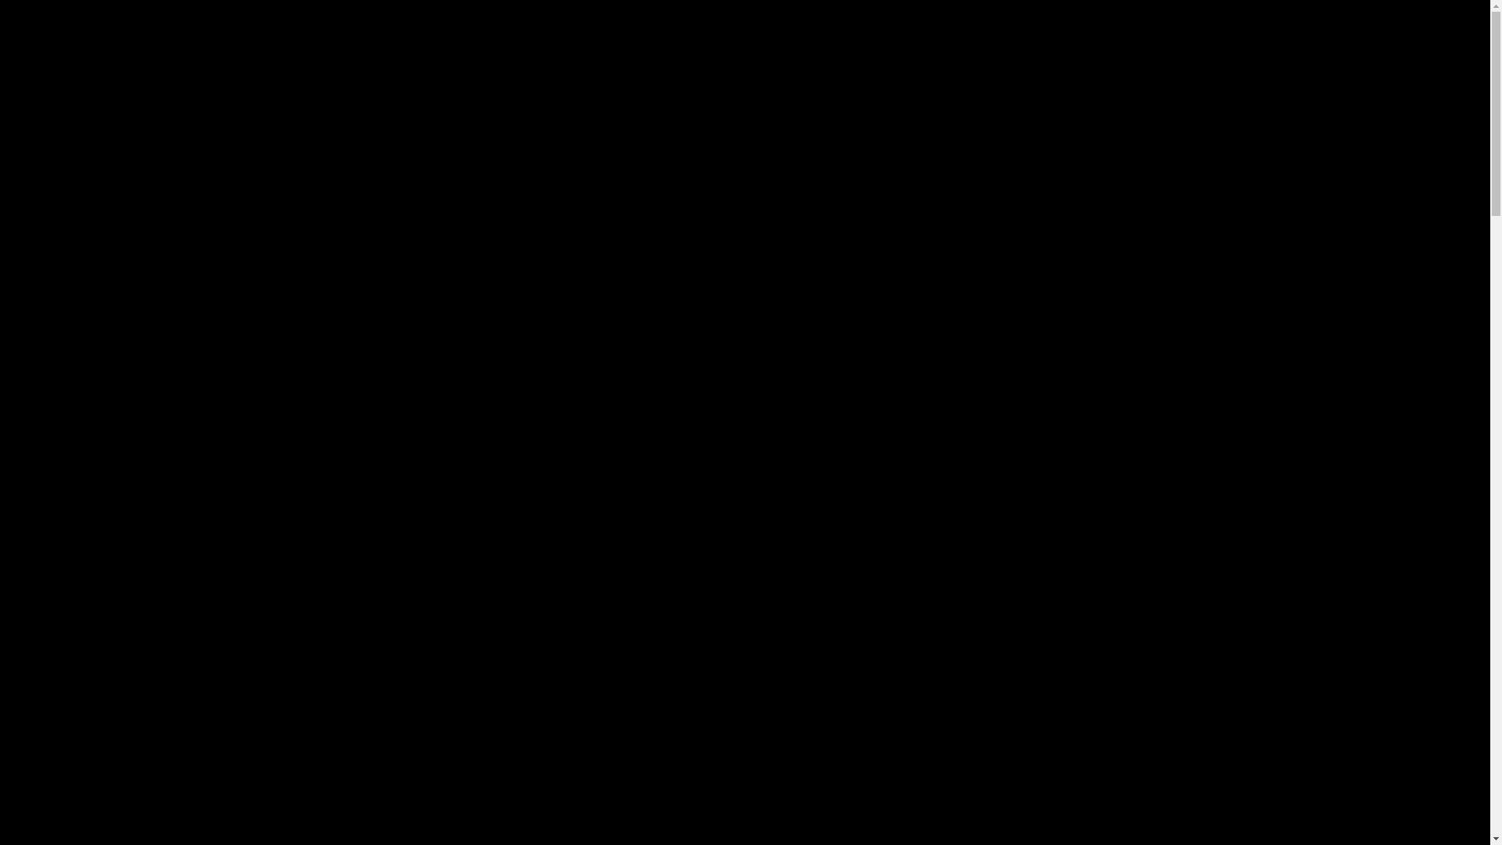  I want to click on 'Home', so click(38, 68).